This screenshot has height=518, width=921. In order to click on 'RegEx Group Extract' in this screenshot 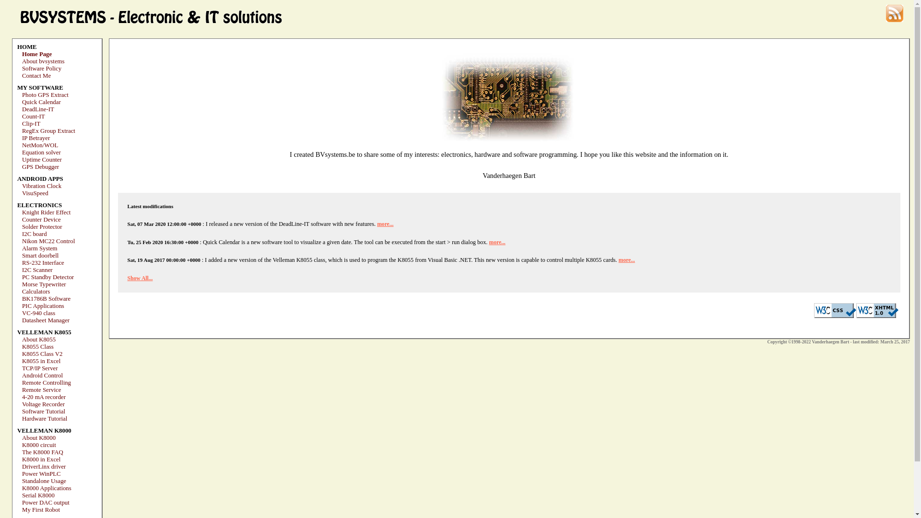, I will do `click(48, 131)`.